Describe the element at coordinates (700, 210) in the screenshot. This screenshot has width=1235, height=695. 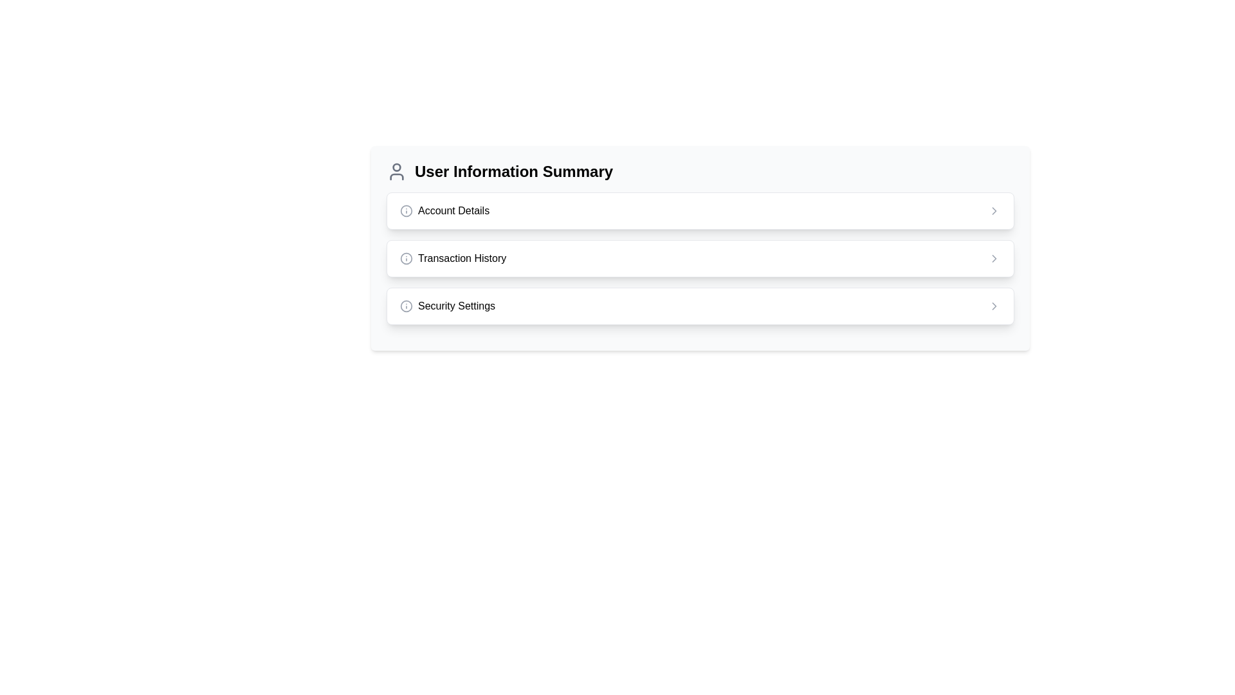
I see `the first clickable card` at that location.